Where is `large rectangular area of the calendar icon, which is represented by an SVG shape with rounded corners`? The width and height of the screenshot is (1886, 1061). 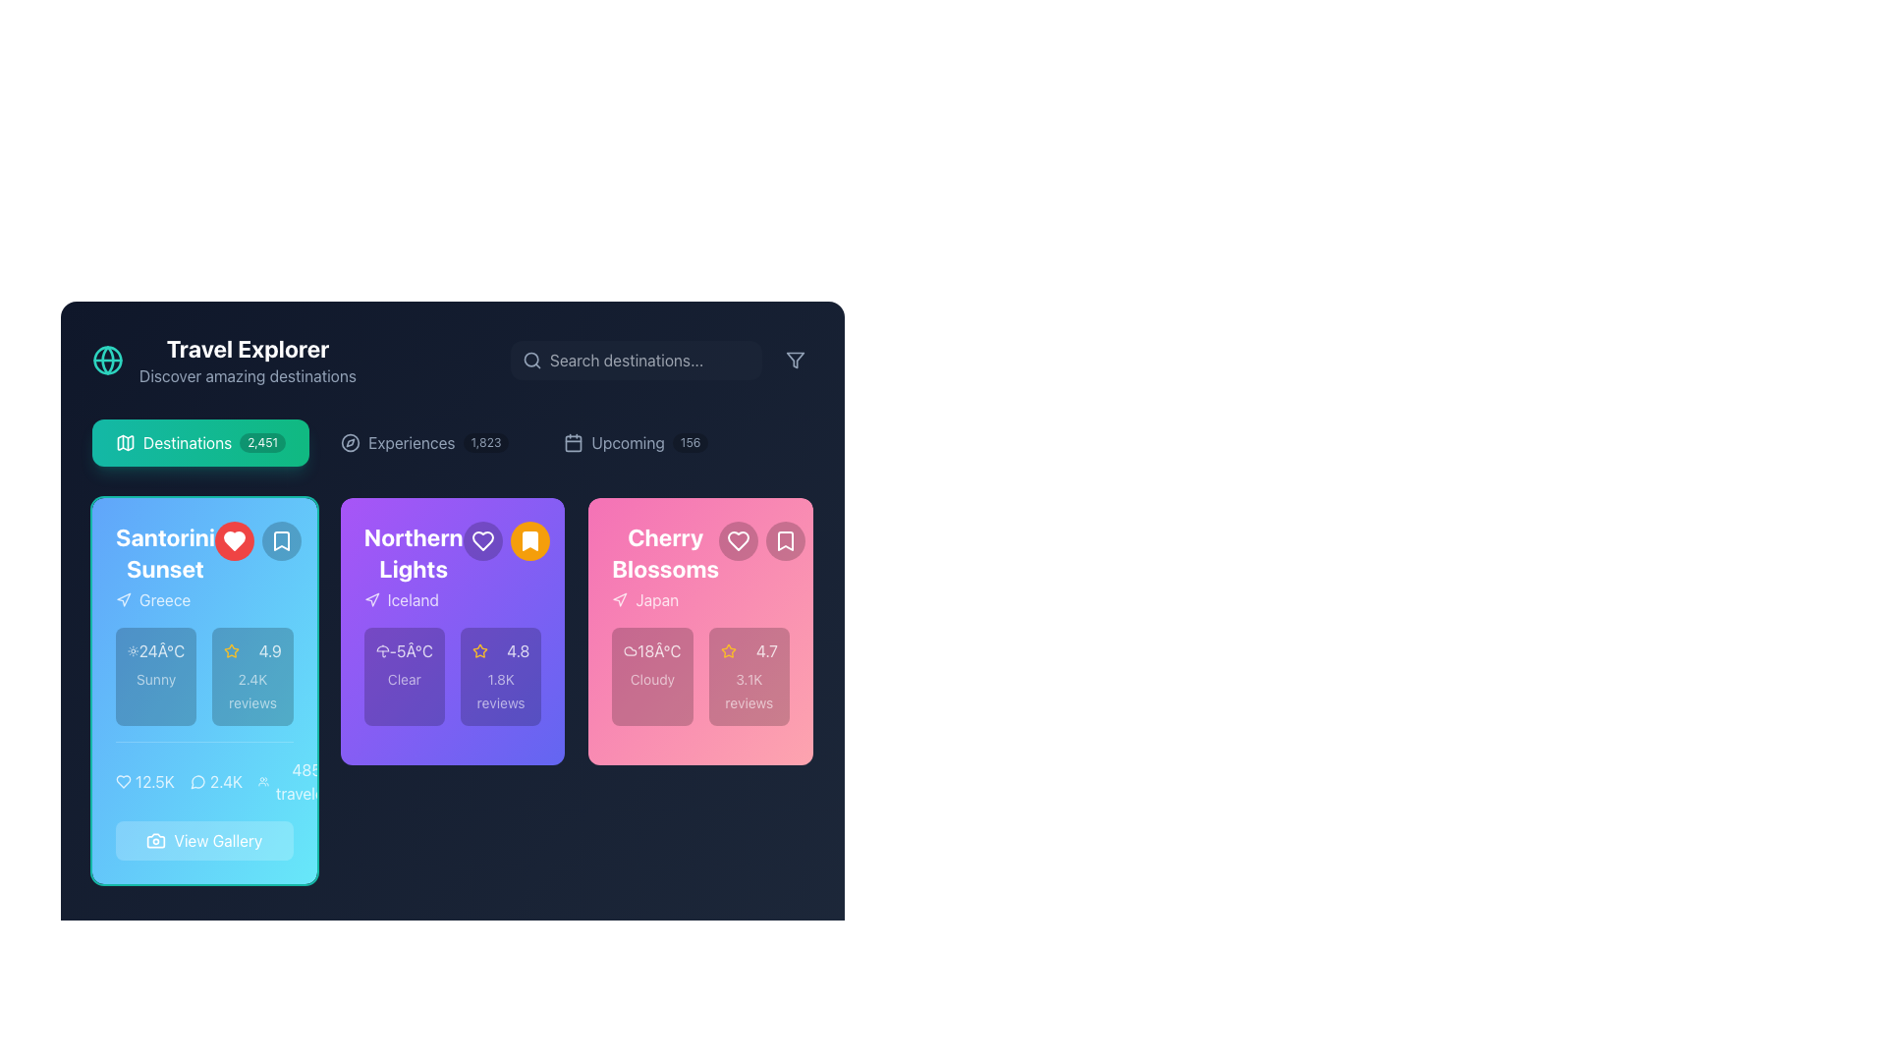 large rectangular area of the calendar icon, which is represented by an SVG shape with rounded corners is located at coordinates (573, 443).